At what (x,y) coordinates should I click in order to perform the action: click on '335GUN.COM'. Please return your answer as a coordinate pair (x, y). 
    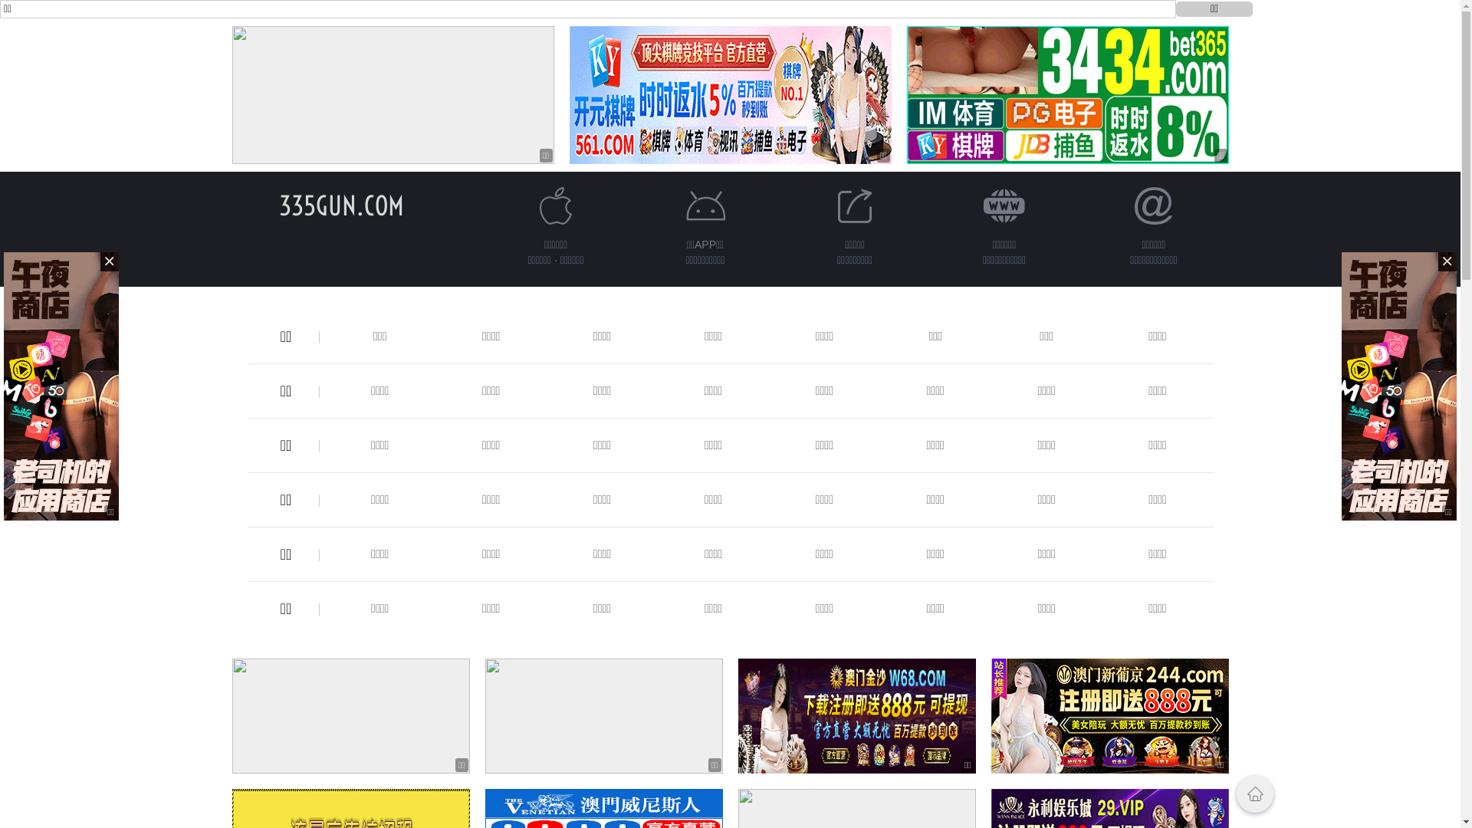
    Looking at the image, I should click on (340, 205).